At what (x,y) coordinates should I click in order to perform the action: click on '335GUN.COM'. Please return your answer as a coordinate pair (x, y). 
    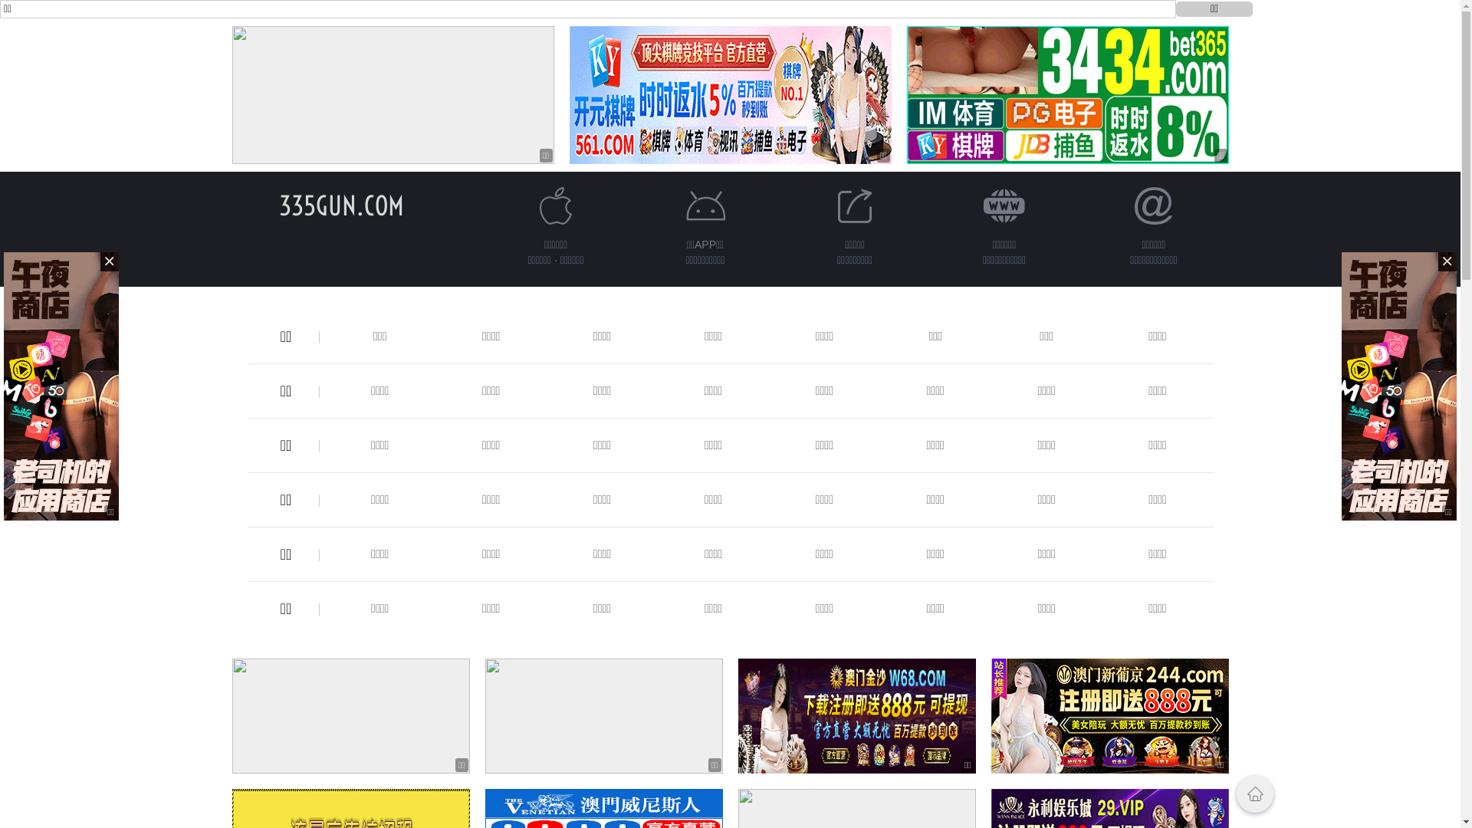
    Looking at the image, I should click on (340, 205).